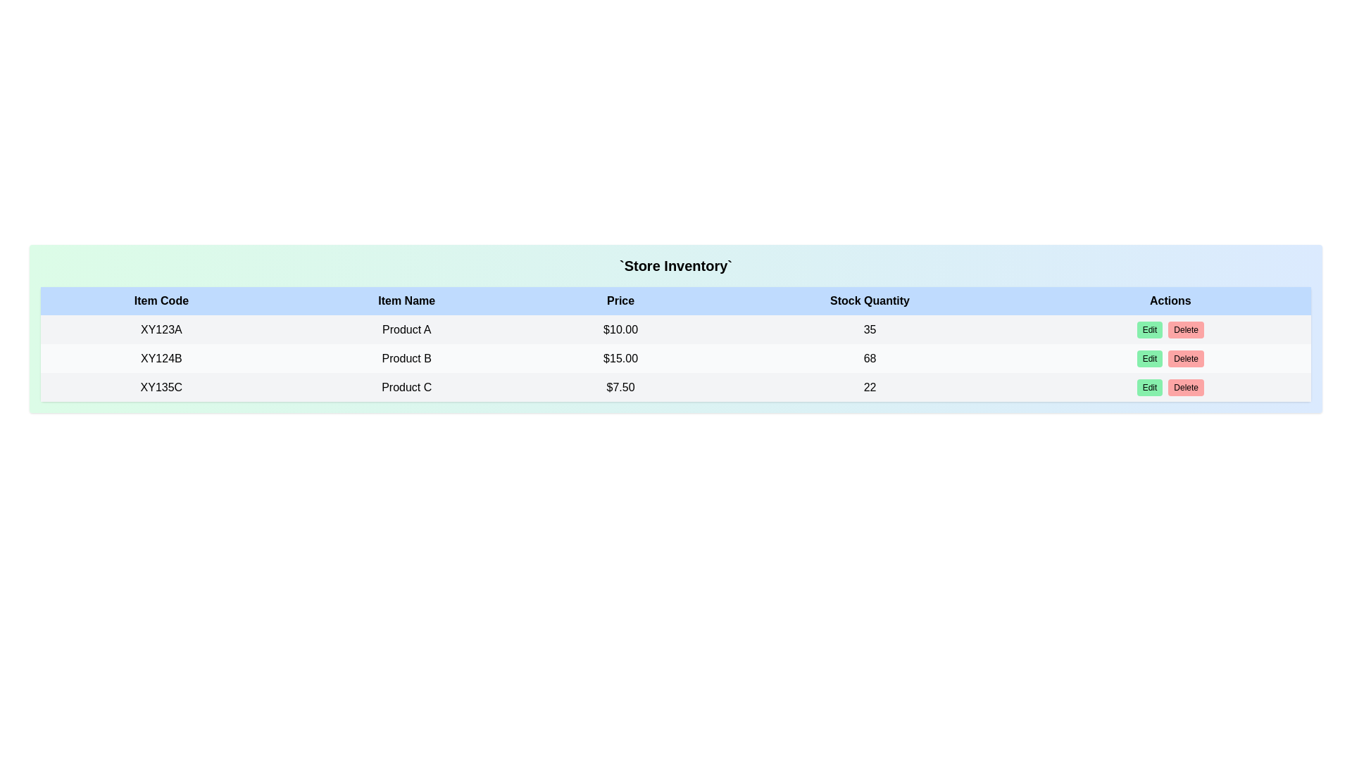  Describe the element at coordinates (1170, 357) in the screenshot. I see `the 'Edit' button in the actions column for the row corresponding to 'Product B'` at that location.